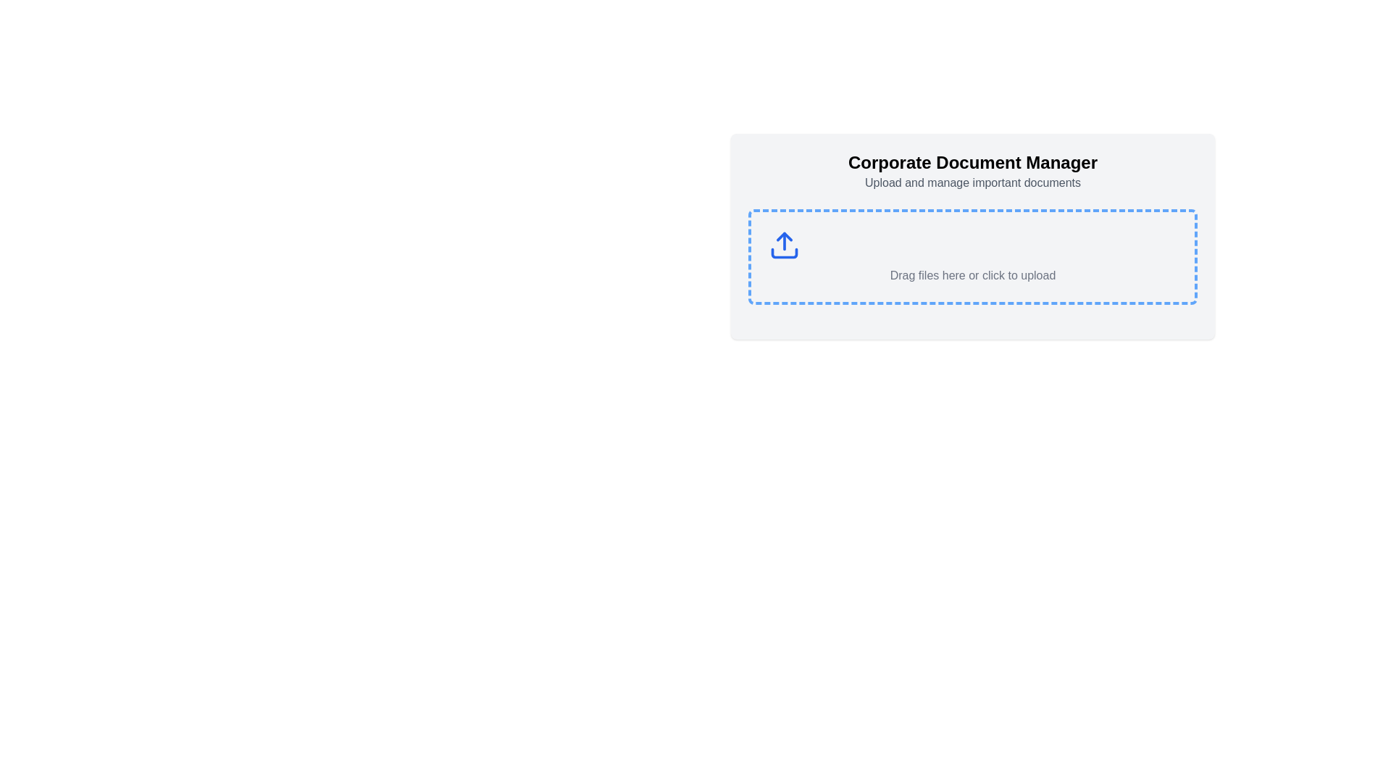 Image resolution: width=1391 pixels, height=782 pixels. I want to click on the gray text label that says 'Drag files here or click to upload', located below the upload icon in the central part of the interface, so click(973, 276).